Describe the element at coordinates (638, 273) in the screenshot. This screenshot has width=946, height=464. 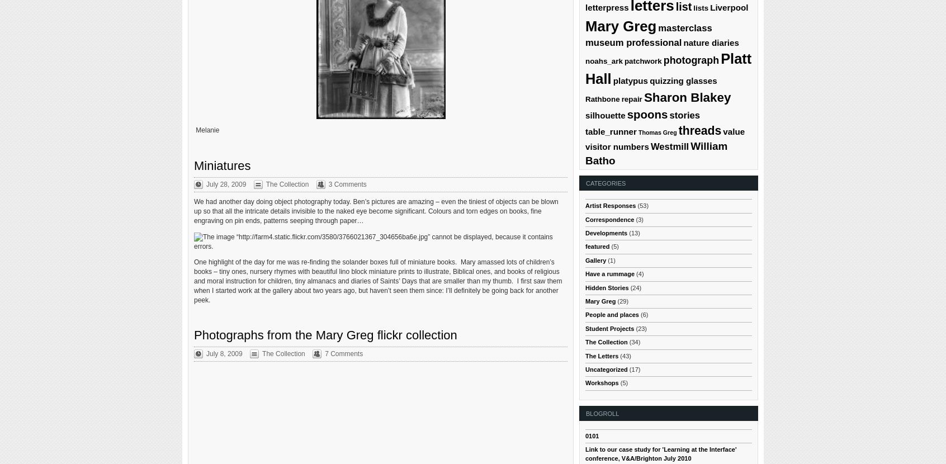
I see `'(4)'` at that location.